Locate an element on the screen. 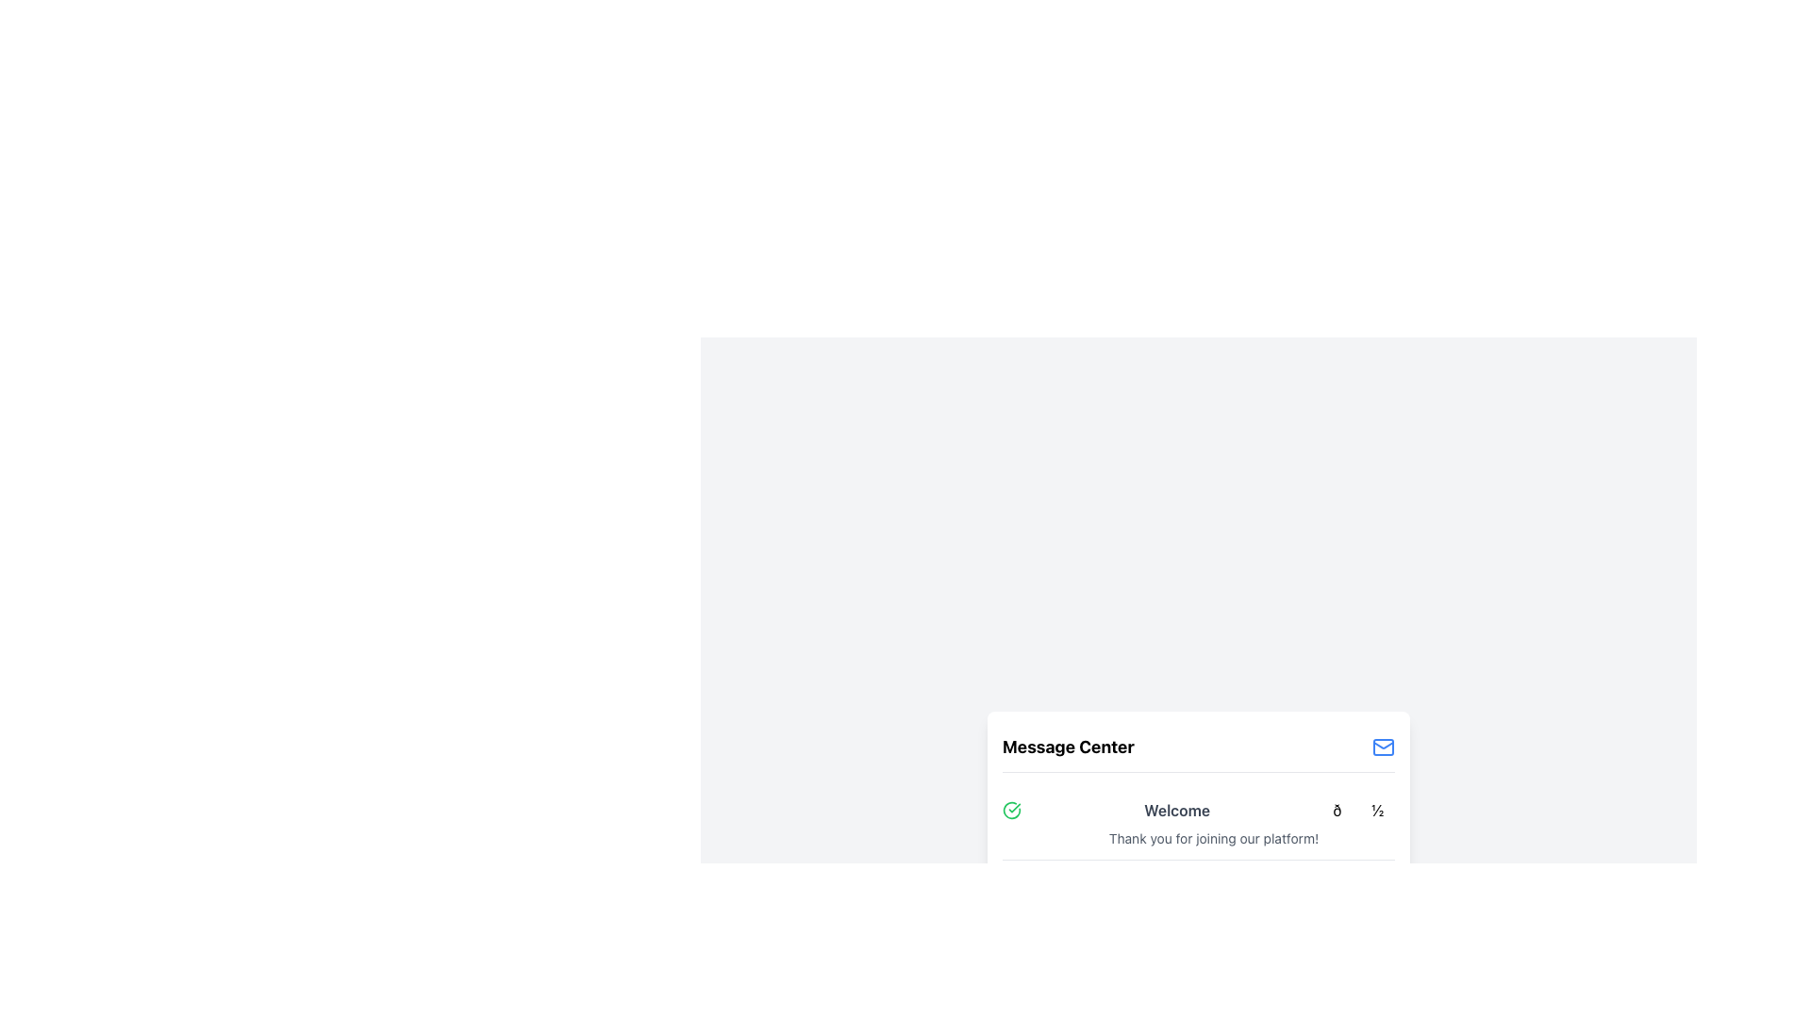 This screenshot has height=1018, width=1811. the text label styled with bold and large font displaying 'Message Center', which acts as a header for the section of the interface is located at coordinates (1068, 747).